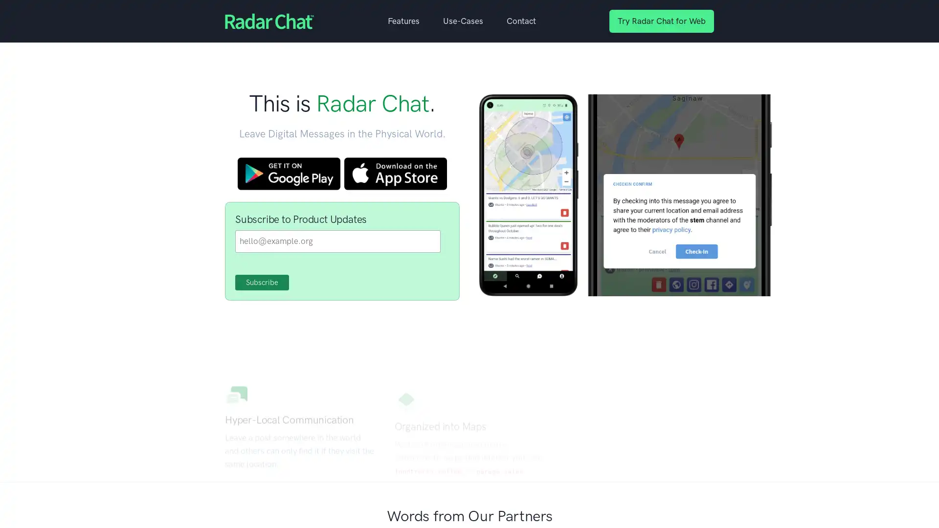  What do you see at coordinates (262, 283) in the screenshot?
I see `Subscribe` at bounding box center [262, 283].